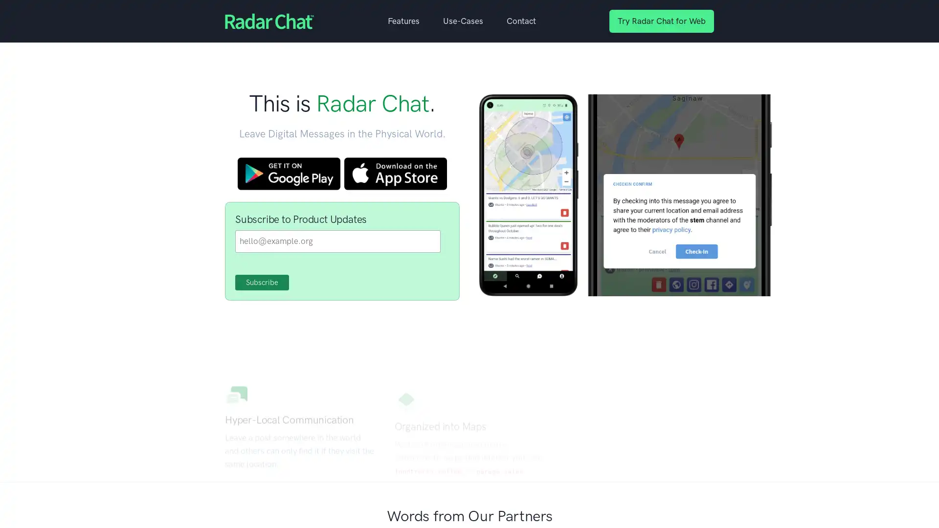  What do you see at coordinates (262, 283) in the screenshot?
I see `Subscribe` at bounding box center [262, 283].